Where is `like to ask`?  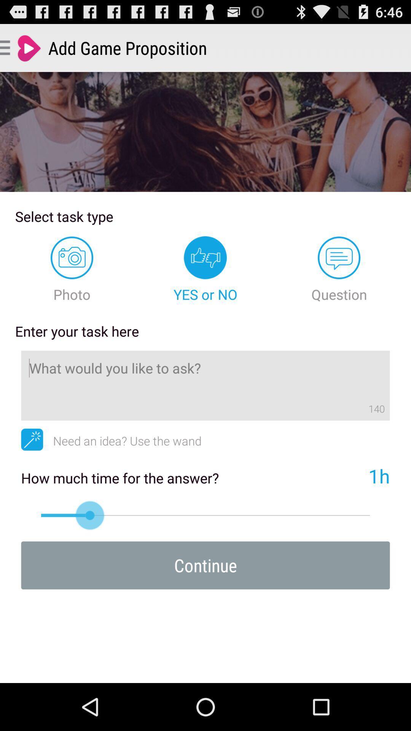
like to ask is located at coordinates (205, 385).